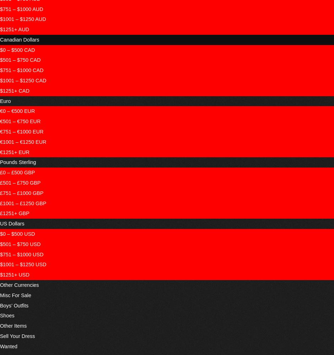  What do you see at coordinates (138, 5) in the screenshot?
I see `'Reviews'` at bounding box center [138, 5].